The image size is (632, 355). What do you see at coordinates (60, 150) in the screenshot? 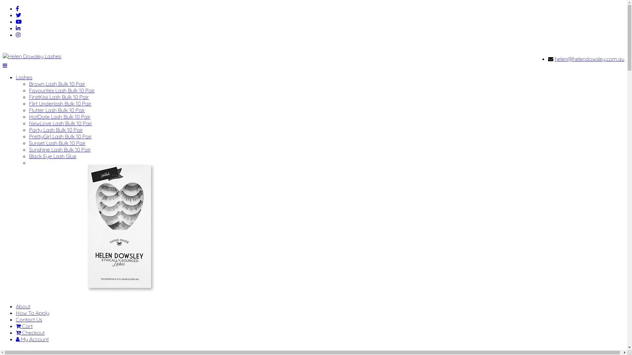
I see `'Sunshine Lash Bulk 10 Pair'` at bounding box center [60, 150].